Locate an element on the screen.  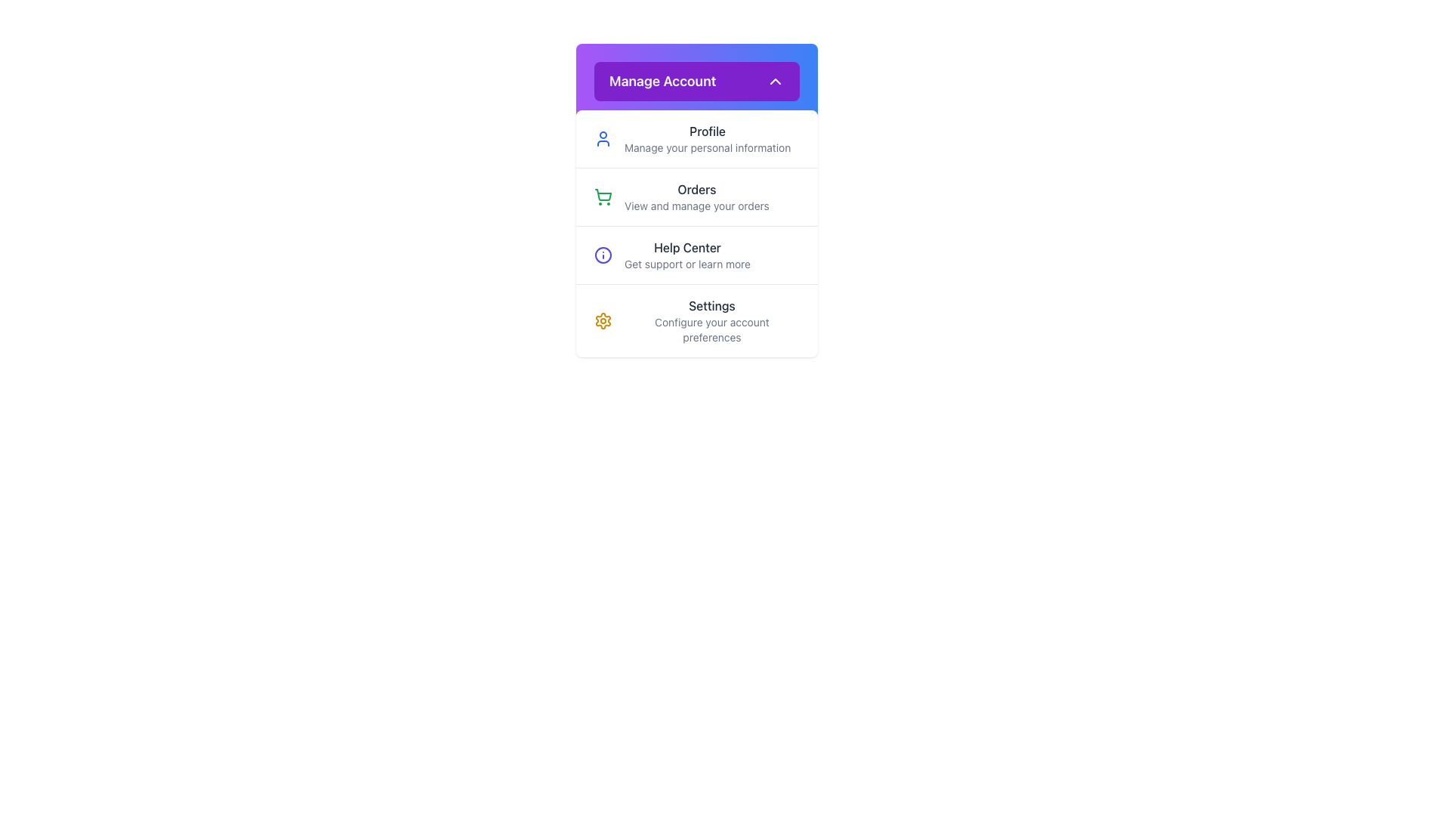
the 'Profile' icon in the 'Manage Account' dropdown menu, which is located to the left of the text 'Profile' is located at coordinates (602, 139).